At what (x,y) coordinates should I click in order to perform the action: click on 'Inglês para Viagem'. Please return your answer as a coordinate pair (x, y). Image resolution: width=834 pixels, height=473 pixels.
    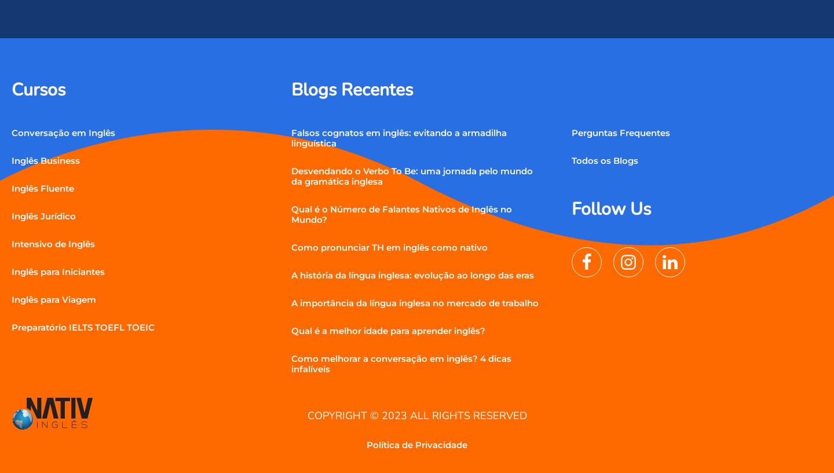
    Looking at the image, I should click on (54, 298).